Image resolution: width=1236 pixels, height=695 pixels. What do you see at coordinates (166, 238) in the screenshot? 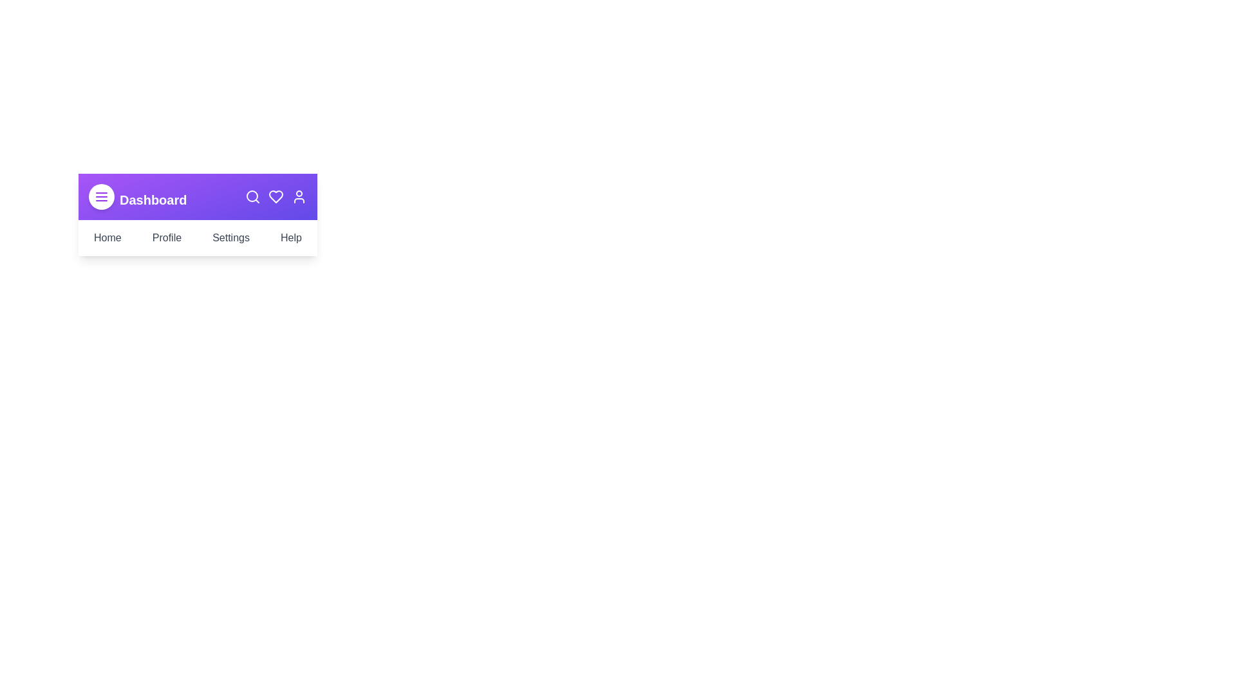
I see `the Profile menu item in the navigation menu` at bounding box center [166, 238].